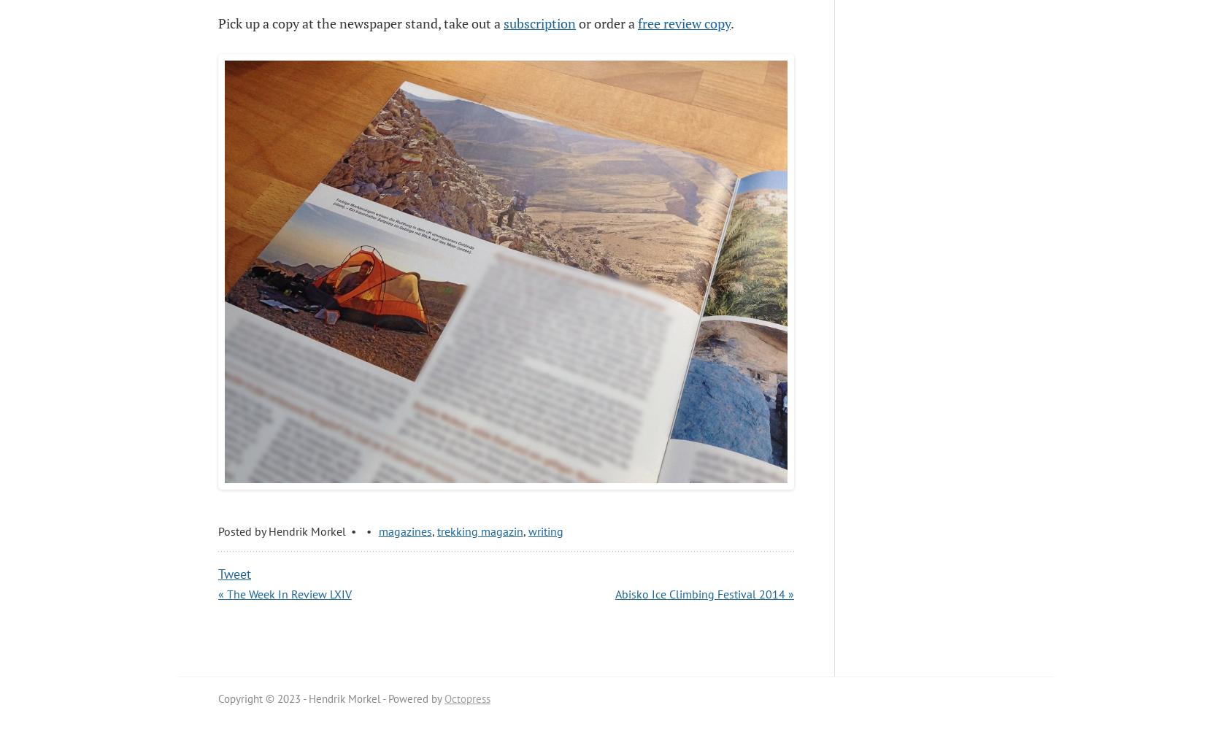 This screenshot has width=1232, height=751. Describe the element at coordinates (285, 593) in the screenshot. I see `'« The Week In Review LXIV'` at that location.